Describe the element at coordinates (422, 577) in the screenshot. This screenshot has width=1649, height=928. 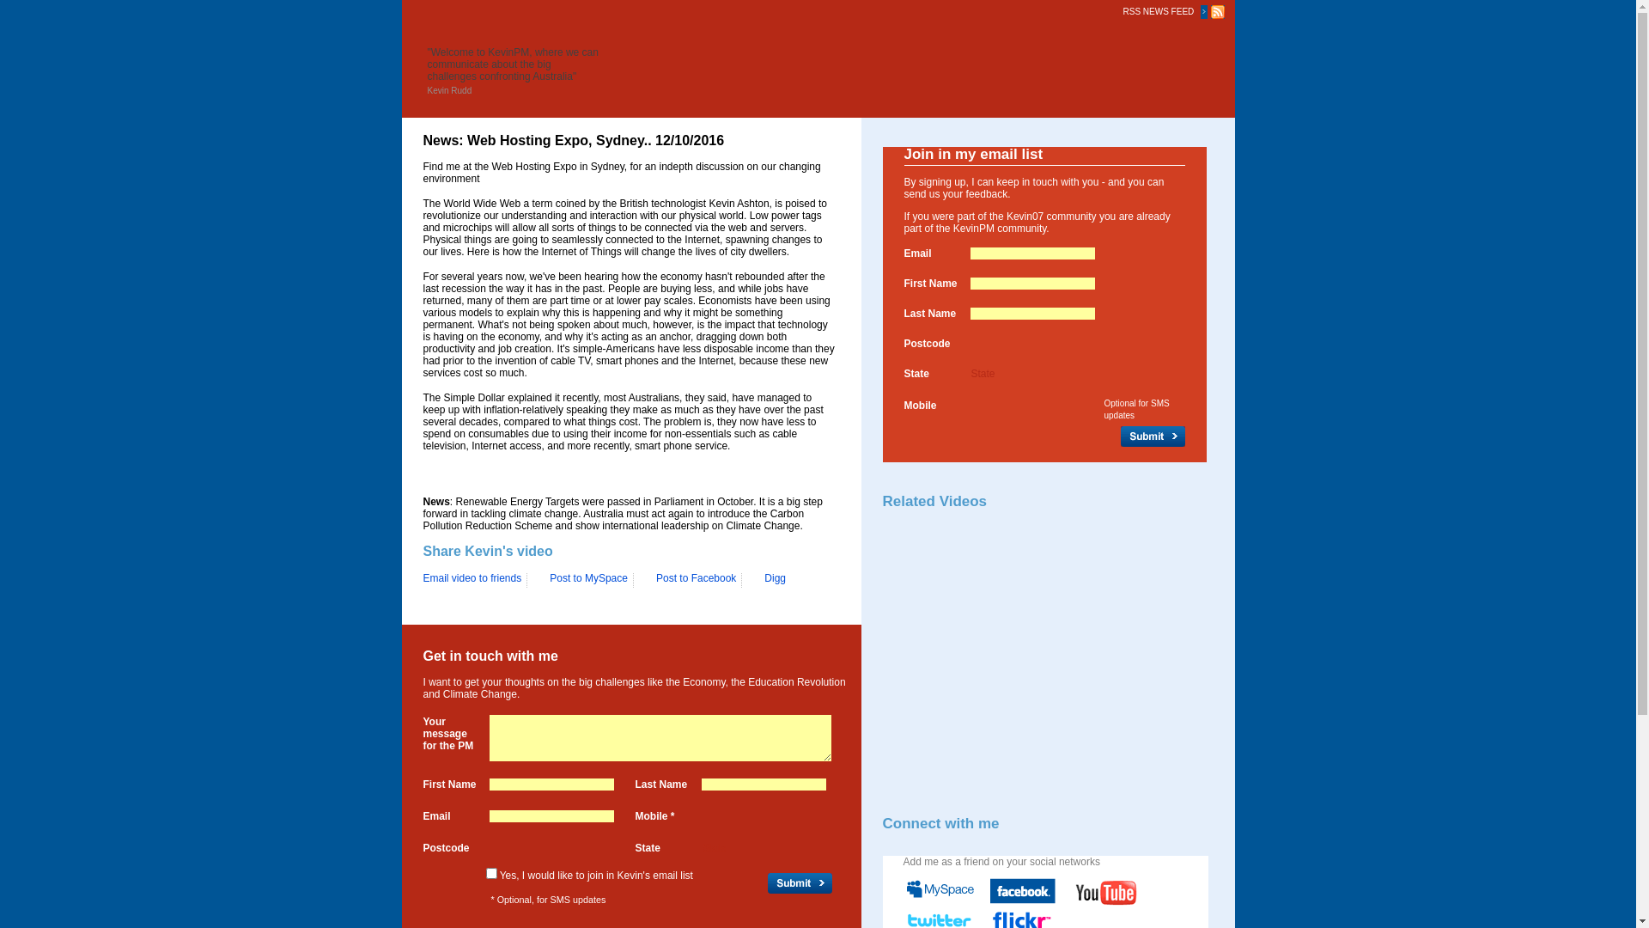
I see `'Email video to friends'` at that location.